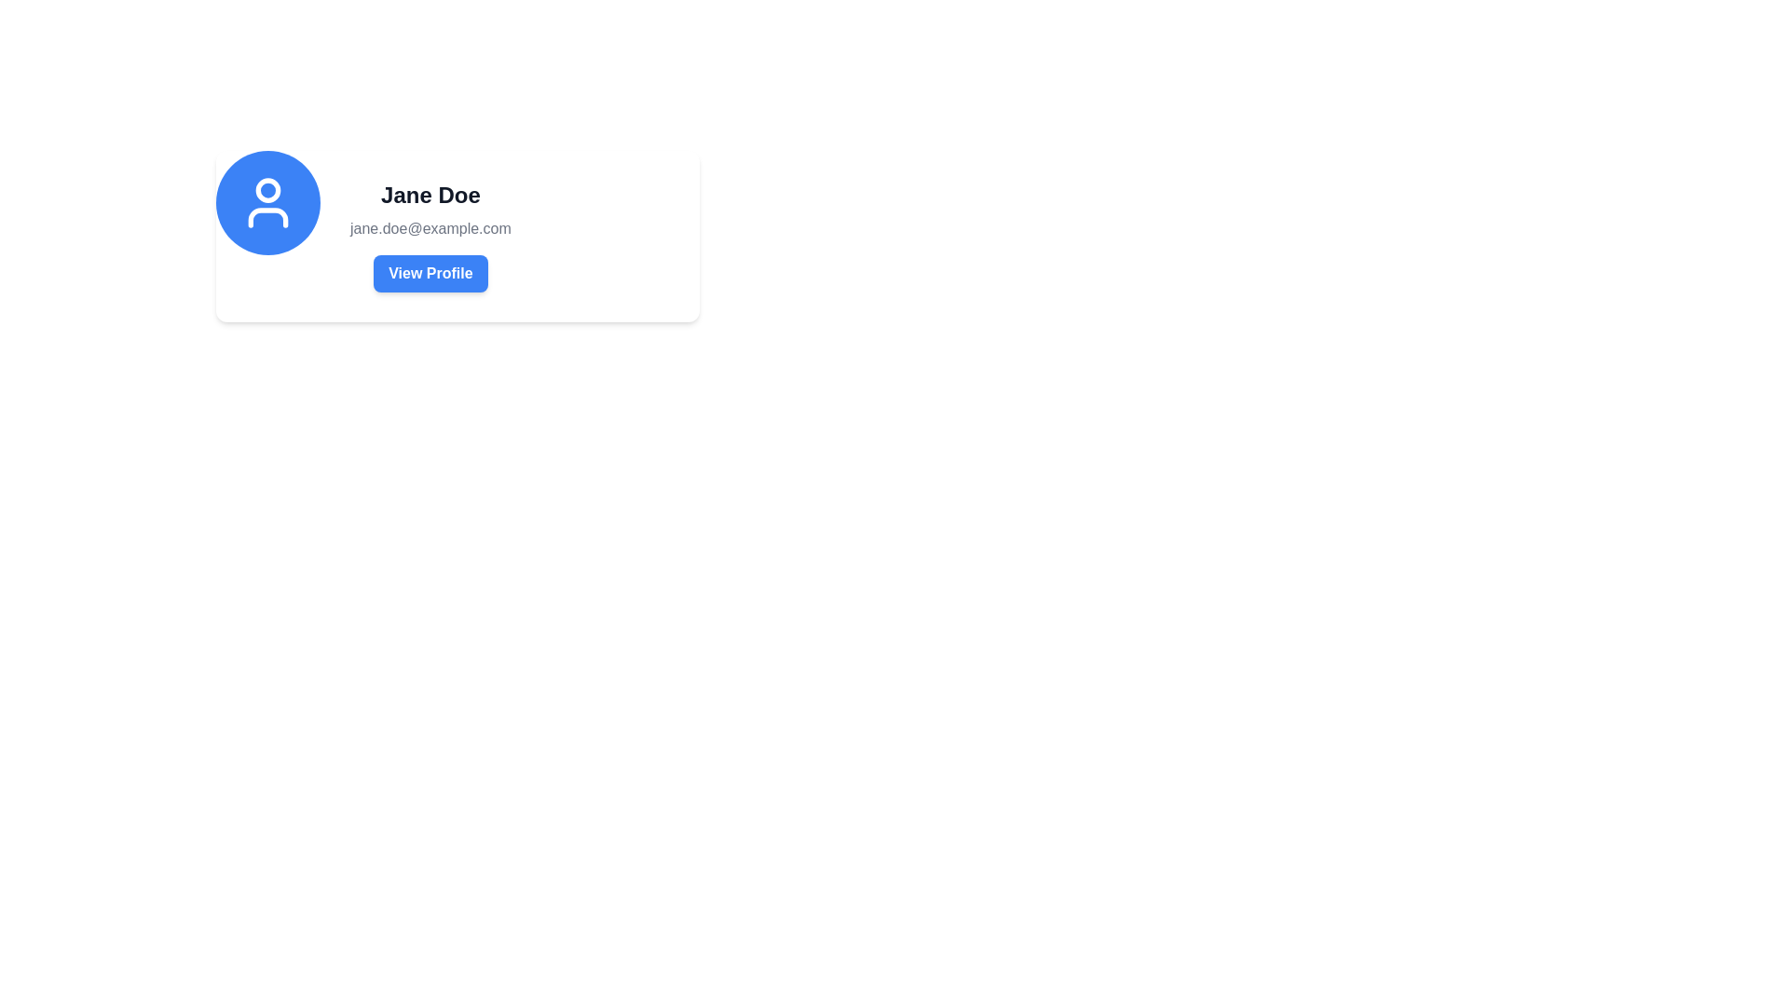  I want to click on the email contact information displayed as secondary text in the user profile group, located below the user name and above the 'View Profile' button, so click(430, 228).